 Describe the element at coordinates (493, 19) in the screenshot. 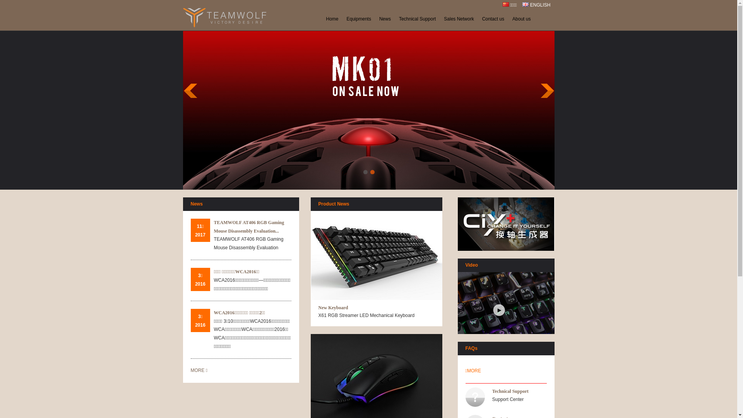

I see `'Contact us'` at that location.